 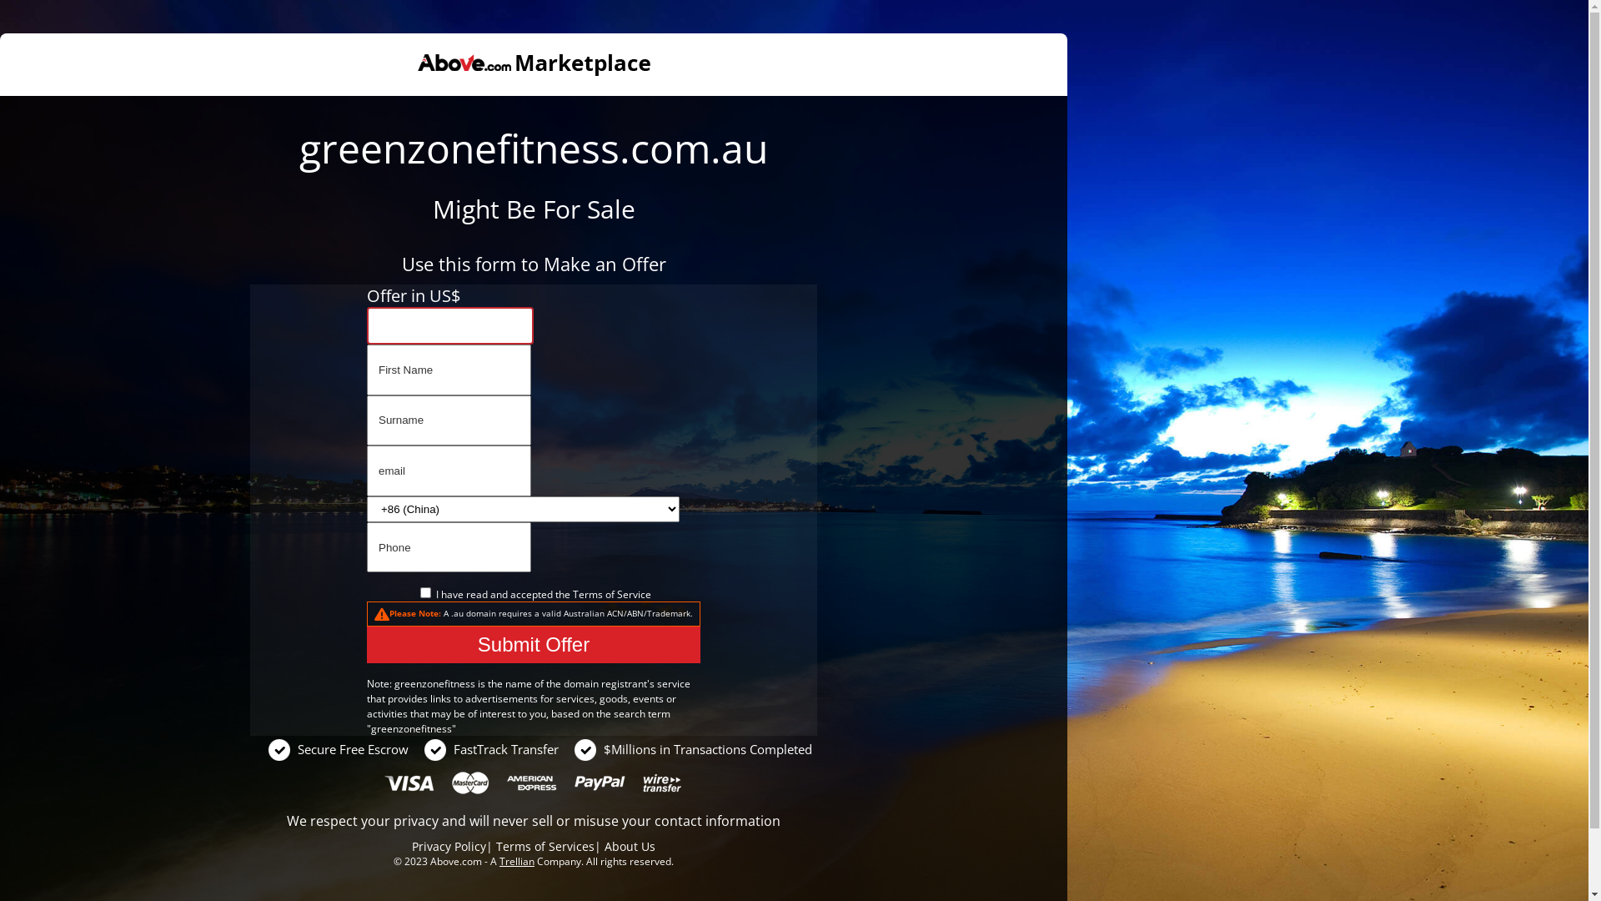 What do you see at coordinates (449, 846) in the screenshot?
I see `'Privacy Policy'` at bounding box center [449, 846].